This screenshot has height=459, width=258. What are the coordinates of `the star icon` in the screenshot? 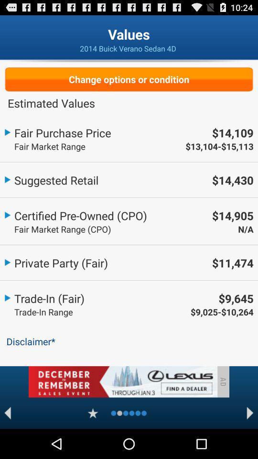 It's located at (93, 442).